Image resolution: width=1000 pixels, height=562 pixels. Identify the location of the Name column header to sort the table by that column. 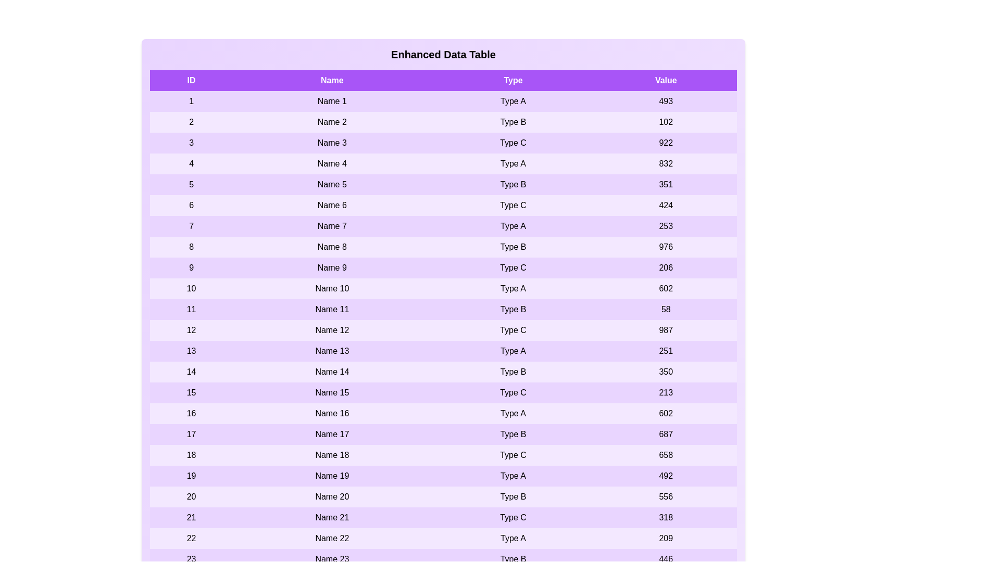
(331, 80).